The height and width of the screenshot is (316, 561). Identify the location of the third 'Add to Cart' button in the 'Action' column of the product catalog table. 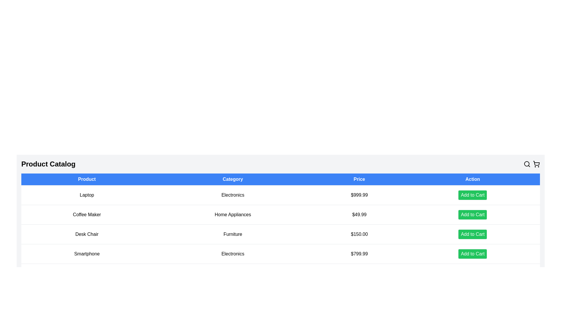
(472, 234).